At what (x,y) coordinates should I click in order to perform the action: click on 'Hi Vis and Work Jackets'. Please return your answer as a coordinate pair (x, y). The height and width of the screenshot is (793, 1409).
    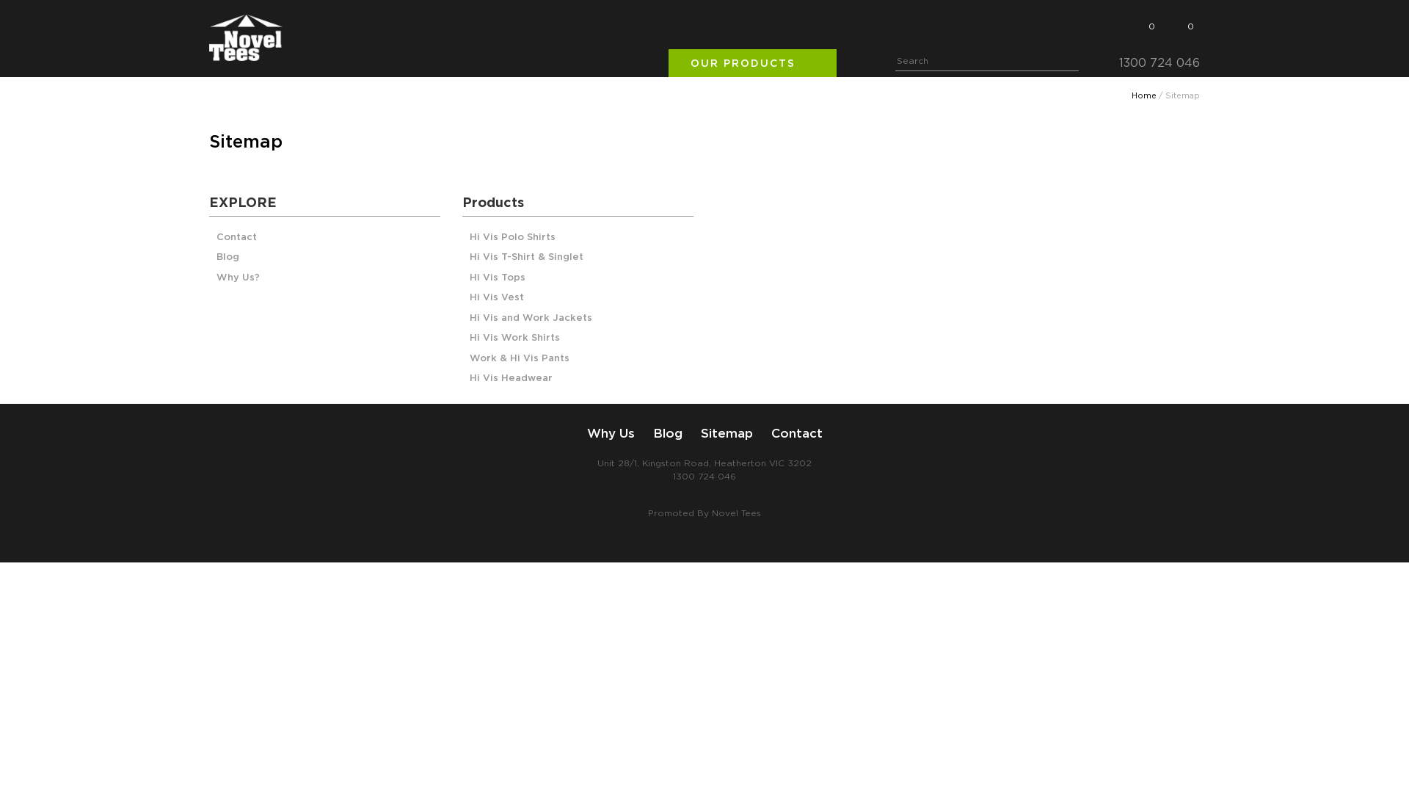
    Looking at the image, I should click on (530, 318).